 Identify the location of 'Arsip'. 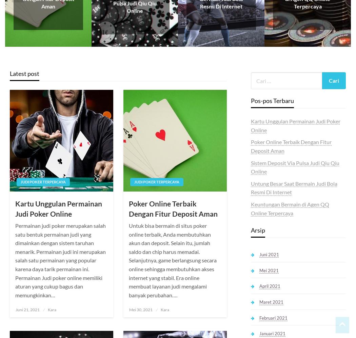
(258, 230).